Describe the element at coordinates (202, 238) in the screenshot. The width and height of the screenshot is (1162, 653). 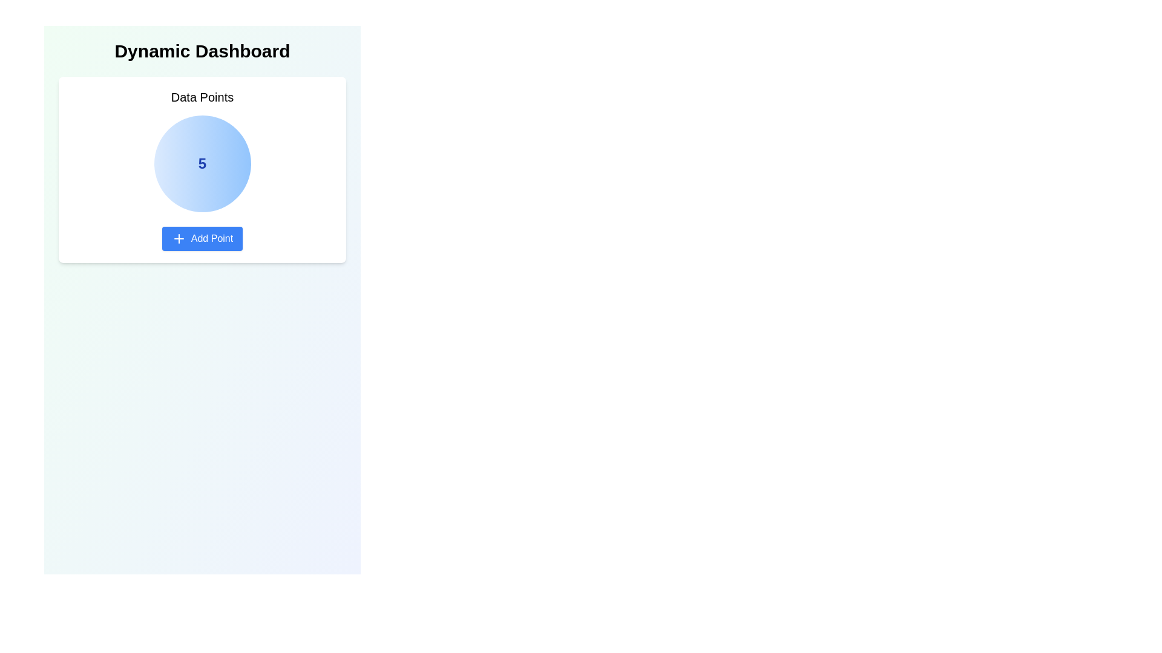
I see `the button located at the bottom of a white card with rounded corners, which adds a new data point to the system` at that location.